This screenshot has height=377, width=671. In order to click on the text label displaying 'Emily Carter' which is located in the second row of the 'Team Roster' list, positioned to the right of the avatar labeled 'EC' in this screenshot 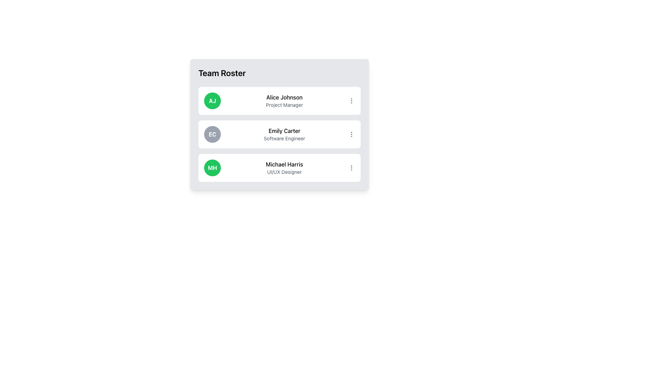, I will do `click(284, 131)`.